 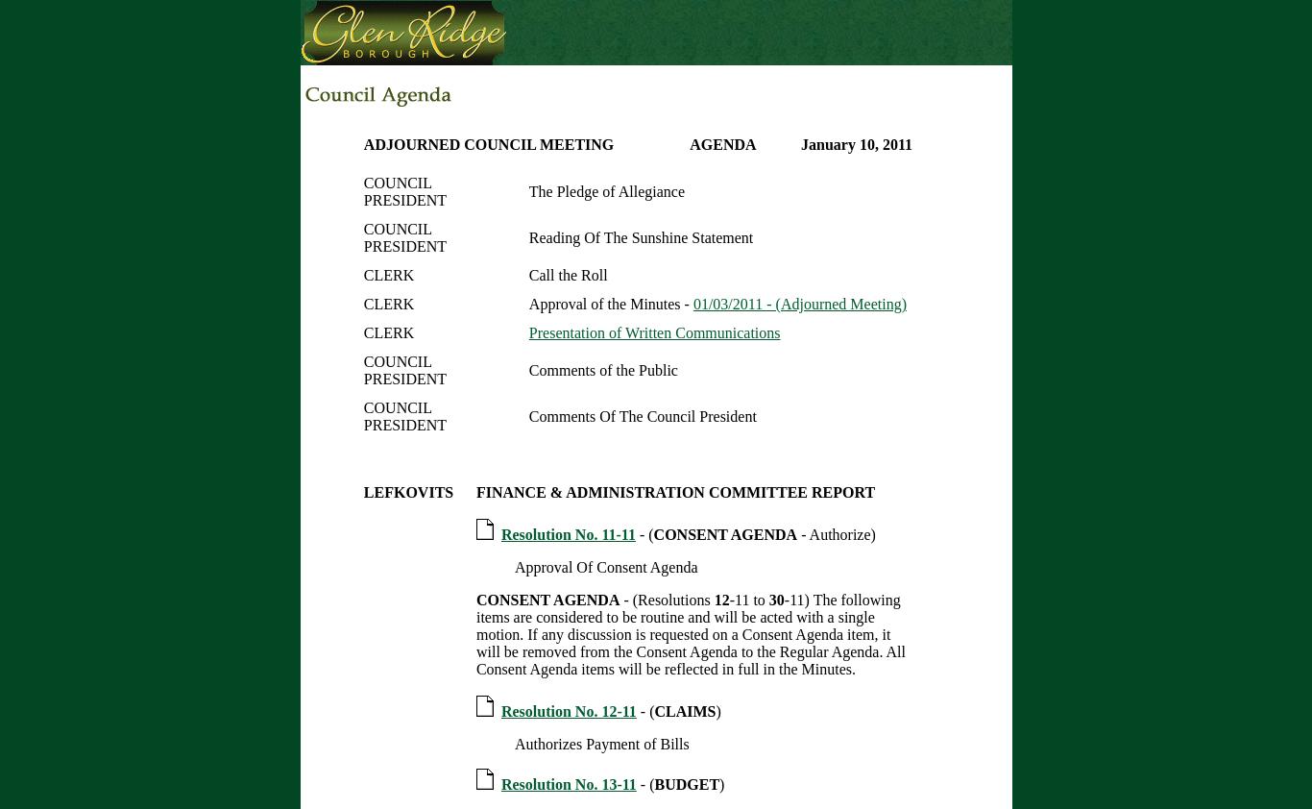 What do you see at coordinates (667, 599) in the screenshot?
I see `'- (Resolutions'` at bounding box center [667, 599].